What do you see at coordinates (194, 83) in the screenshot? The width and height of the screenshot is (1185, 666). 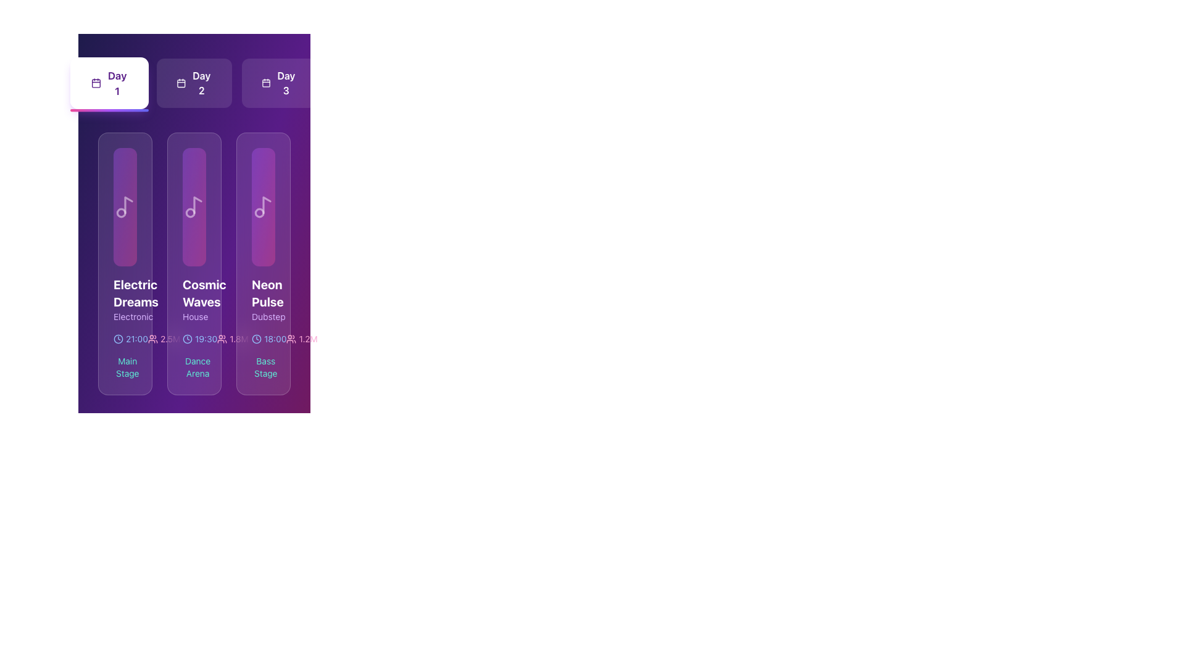 I see `the 'Day 2' button in the multi-day event interface` at bounding box center [194, 83].